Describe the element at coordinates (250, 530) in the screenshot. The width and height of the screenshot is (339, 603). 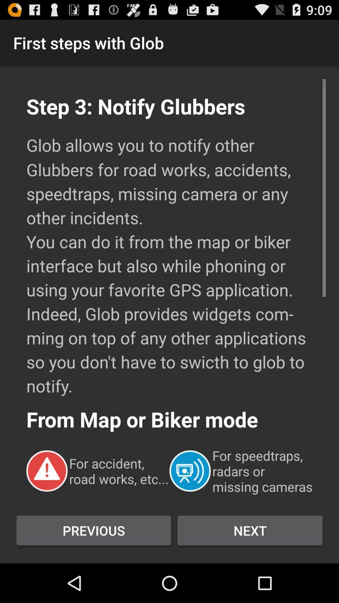
I see `the icon to the right of previous item` at that location.